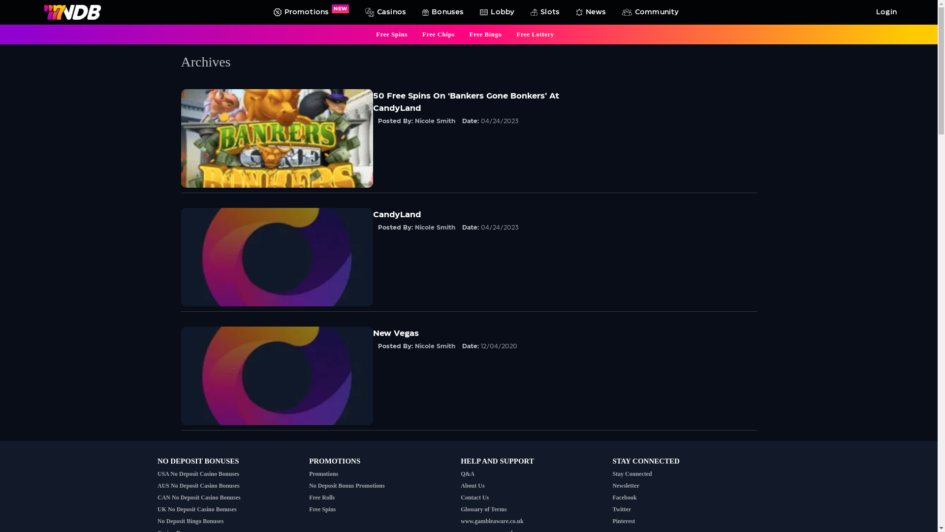 The height and width of the screenshot is (532, 945). Describe the element at coordinates (396, 333) in the screenshot. I see `'New Vegas'` at that location.